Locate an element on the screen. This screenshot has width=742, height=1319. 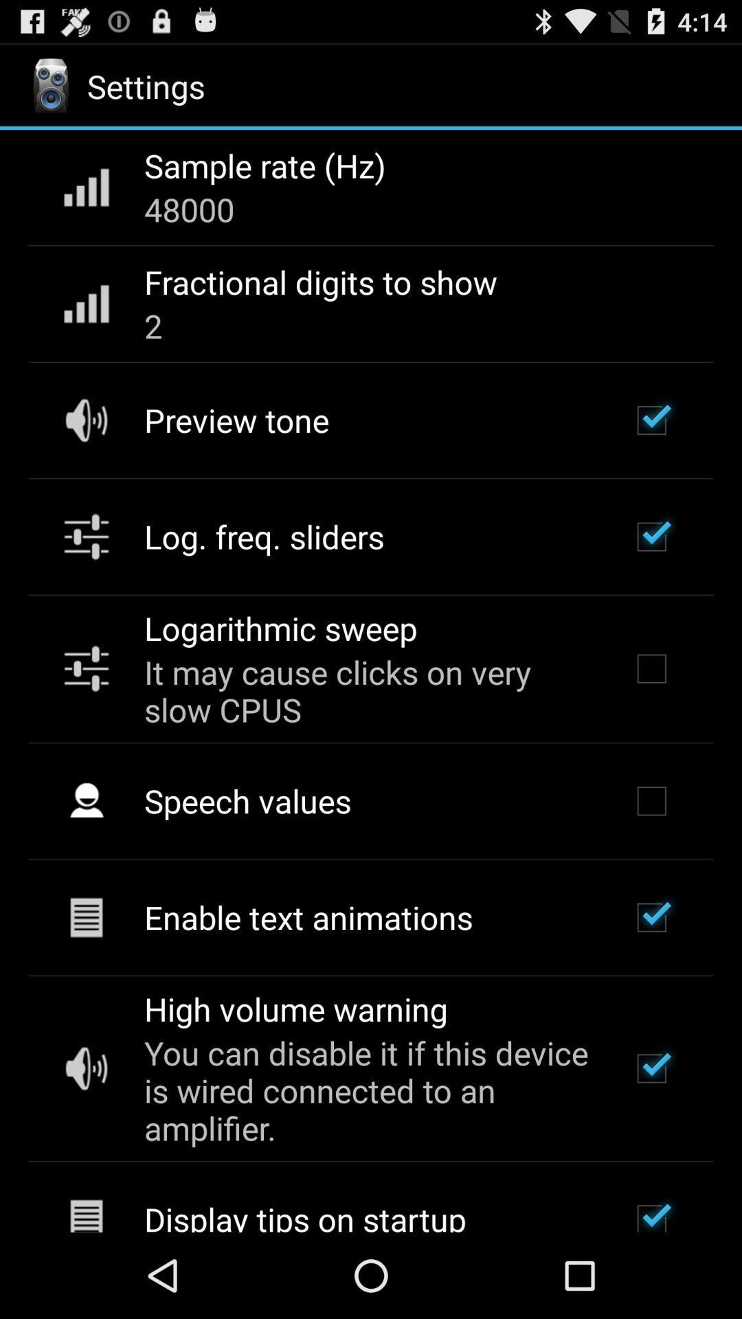
sample rate (hz) item is located at coordinates (265, 165).